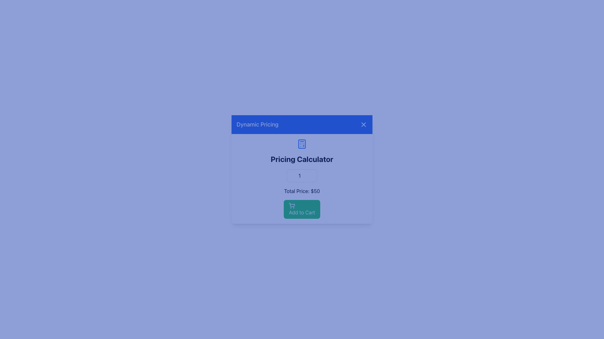 This screenshot has width=604, height=339. Describe the element at coordinates (302, 144) in the screenshot. I see `the central rounded rectangle within the blue calculator icon located at the top center of the dialog box, above the 'Pricing Calculator' heading` at that location.